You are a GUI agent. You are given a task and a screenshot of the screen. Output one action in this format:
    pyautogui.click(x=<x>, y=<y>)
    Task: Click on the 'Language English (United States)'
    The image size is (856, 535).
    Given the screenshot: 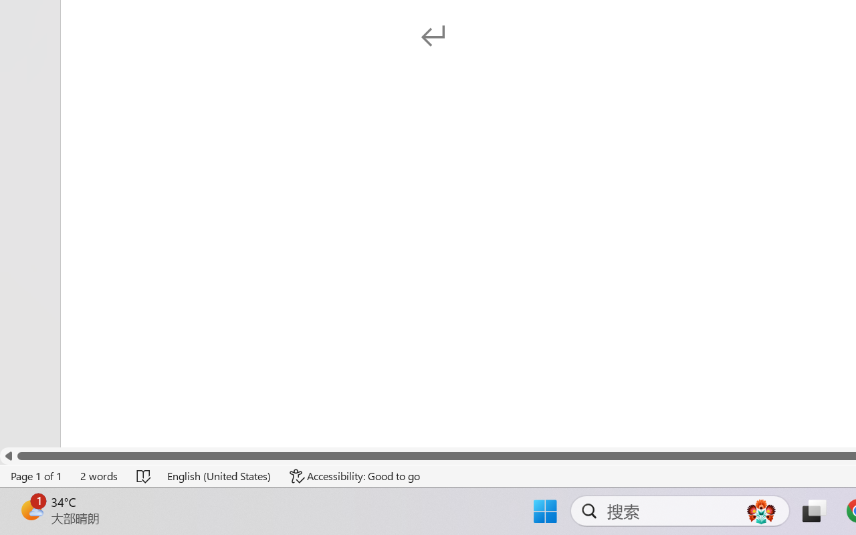 What is the action you would take?
    pyautogui.click(x=219, y=475)
    